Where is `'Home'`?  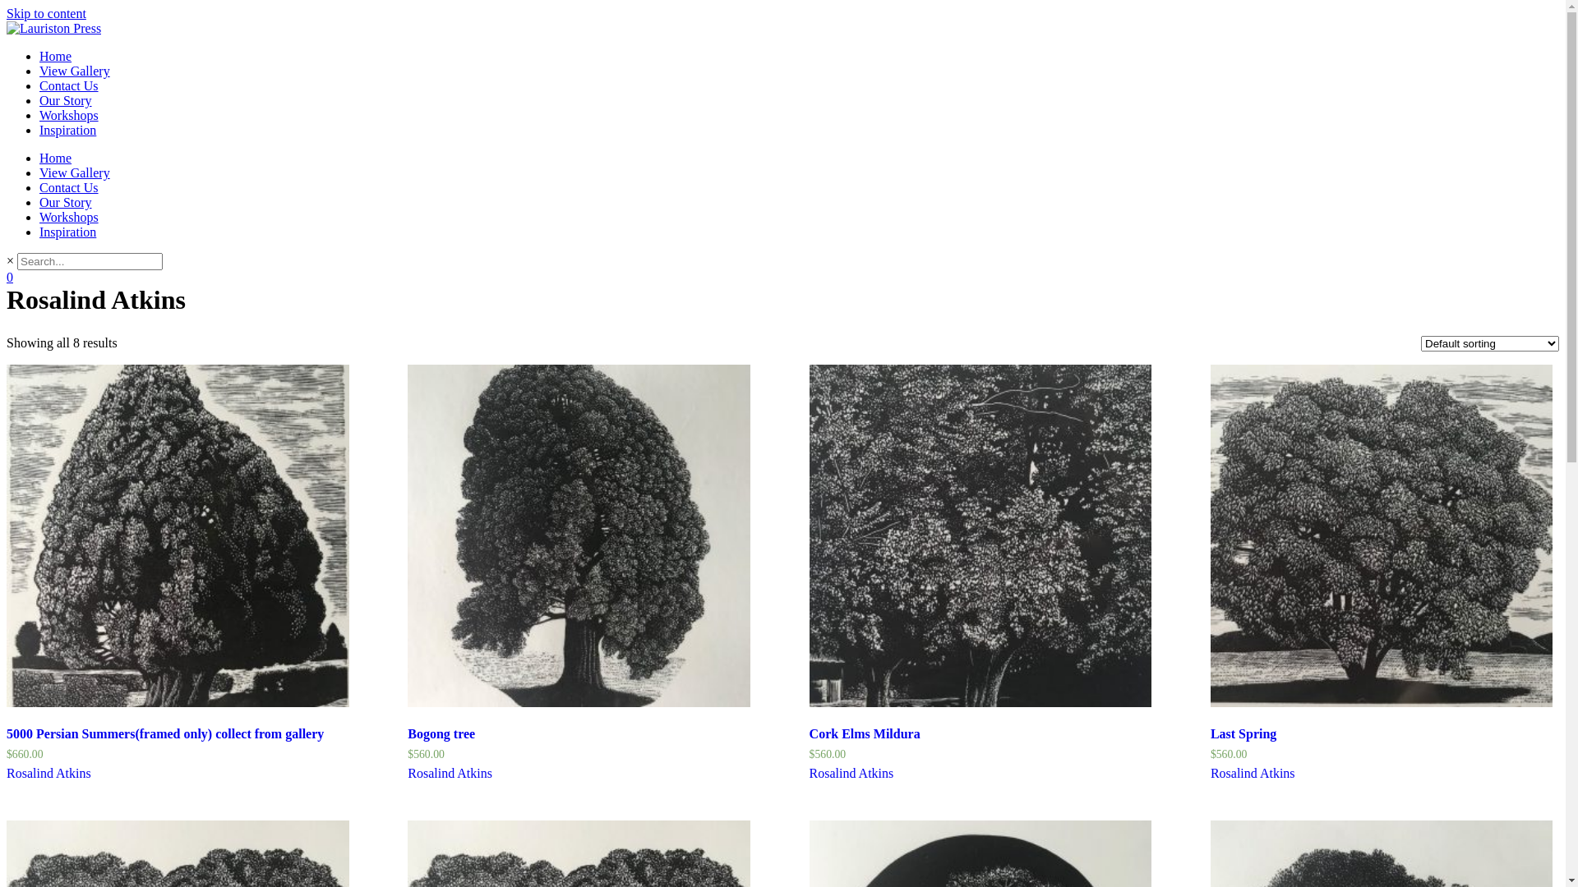
'Home' is located at coordinates (55, 158).